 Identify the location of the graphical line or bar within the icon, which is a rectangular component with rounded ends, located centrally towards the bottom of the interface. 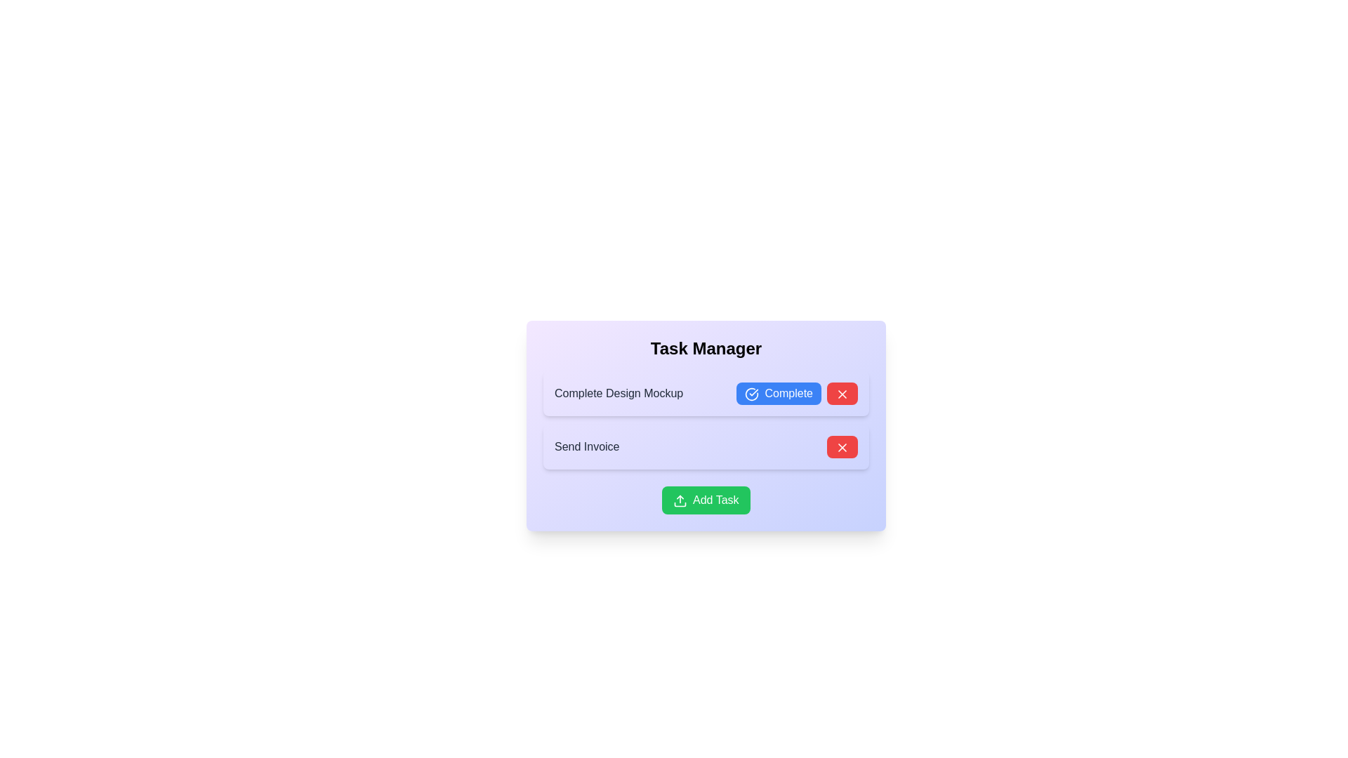
(680, 503).